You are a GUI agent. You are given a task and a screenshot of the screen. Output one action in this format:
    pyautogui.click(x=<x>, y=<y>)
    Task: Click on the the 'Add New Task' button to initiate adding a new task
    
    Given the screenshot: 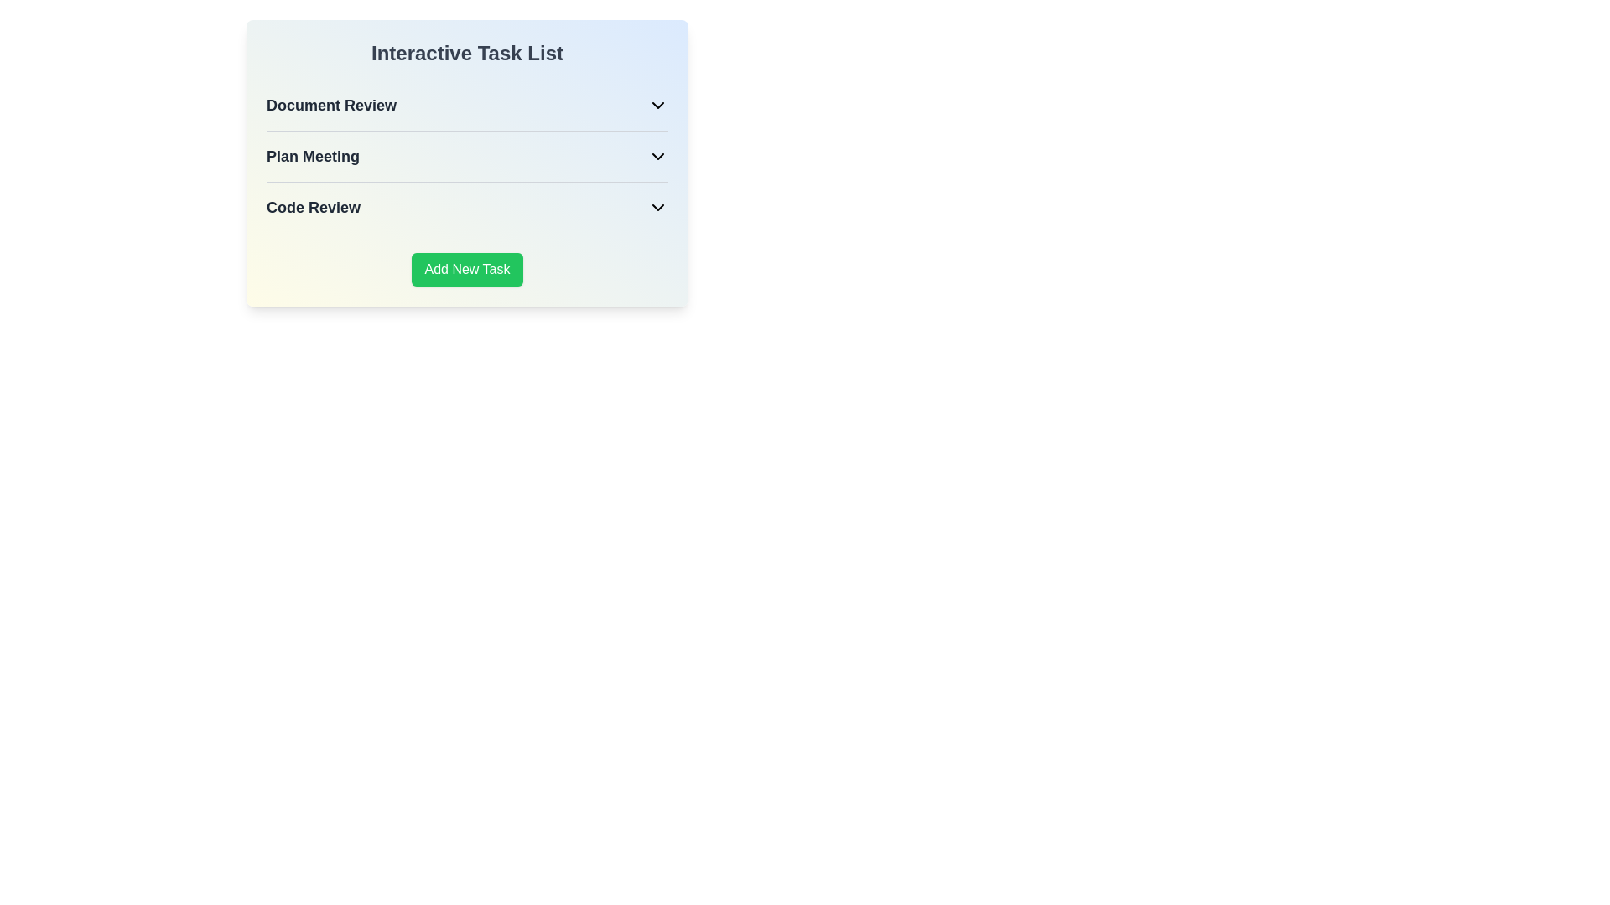 What is the action you would take?
    pyautogui.click(x=467, y=268)
    